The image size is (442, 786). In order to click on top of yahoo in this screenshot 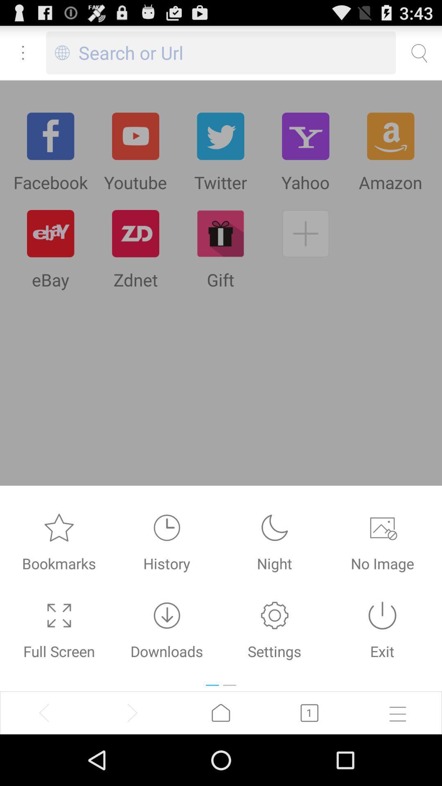, I will do `click(306, 136)`.